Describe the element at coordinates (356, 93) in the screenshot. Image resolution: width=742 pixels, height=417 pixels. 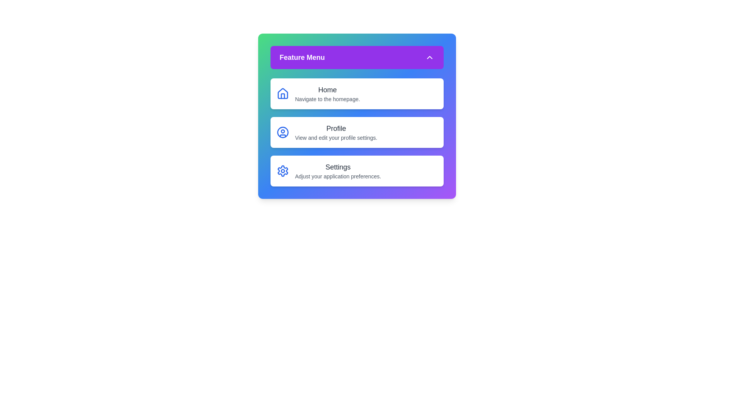
I see `the menu item labeled Home` at that location.